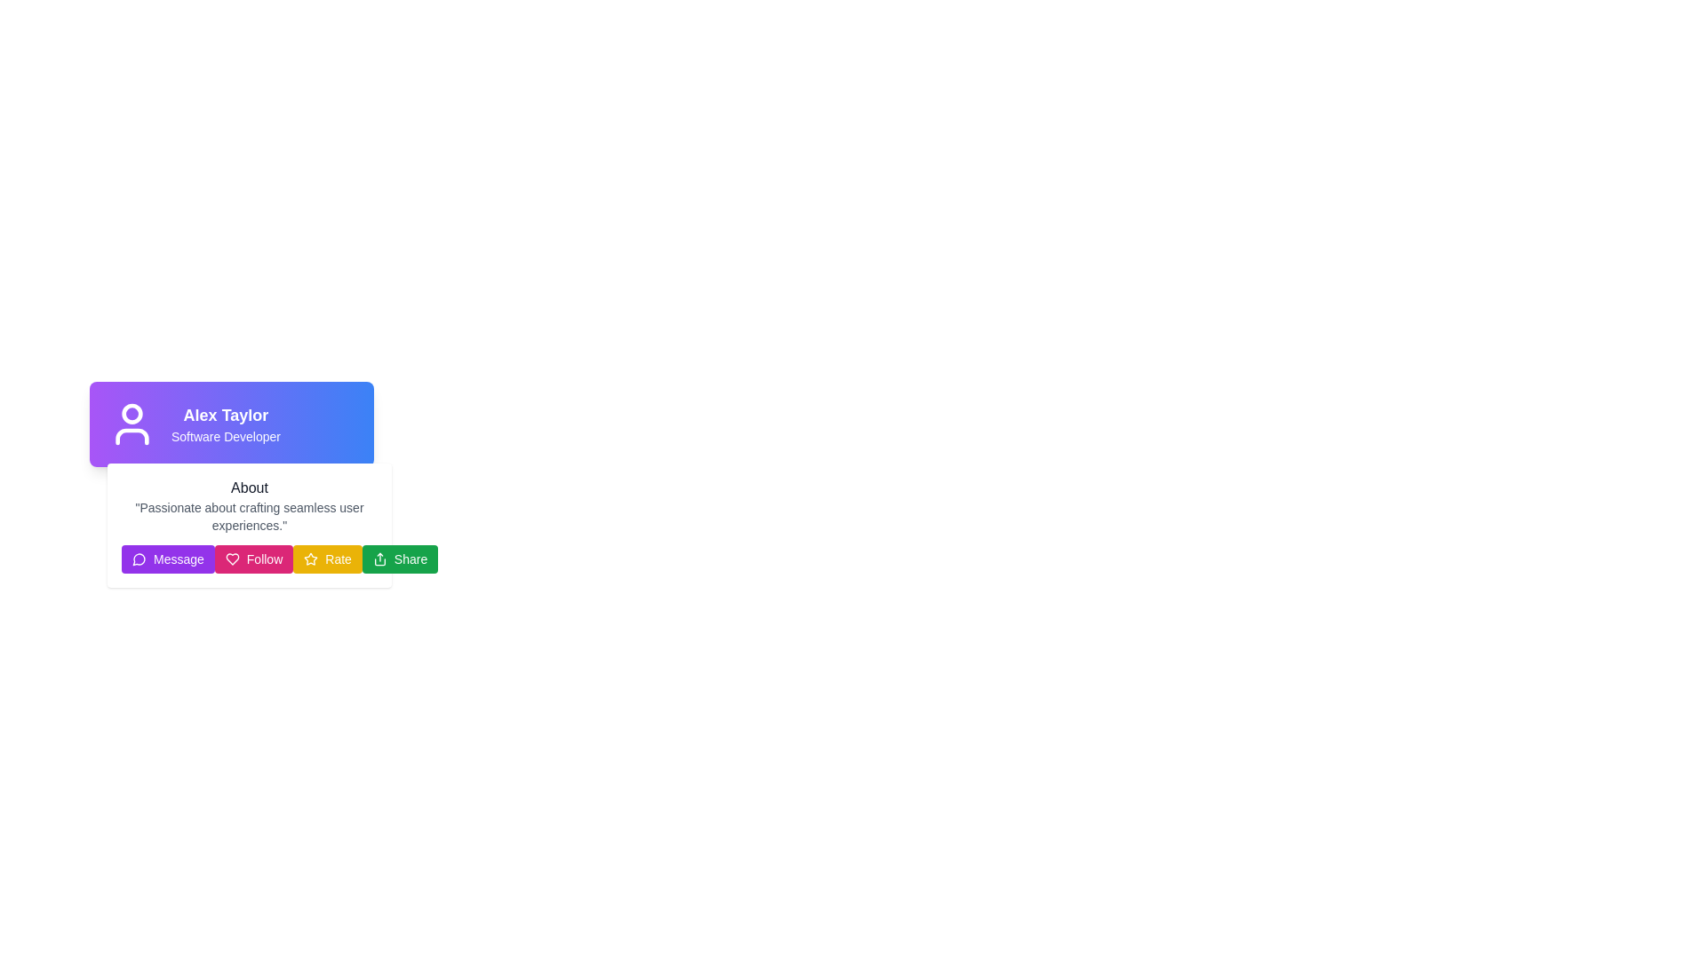  What do you see at coordinates (231, 558) in the screenshot?
I see `the red heart icon button located in the profile card interface` at bounding box center [231, 558].